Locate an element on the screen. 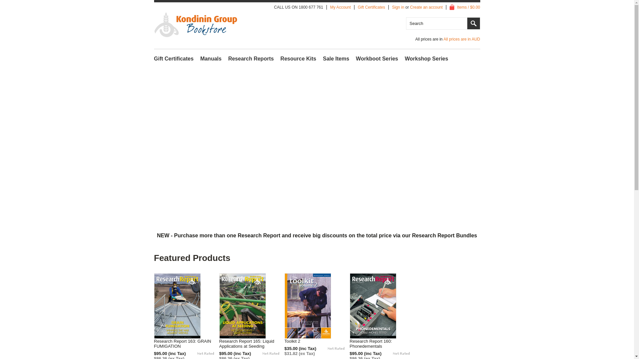 The image size is (639, 359). 'Research Report 163: GRAIN FUMIGATION' is located at coordinates (153, 343).